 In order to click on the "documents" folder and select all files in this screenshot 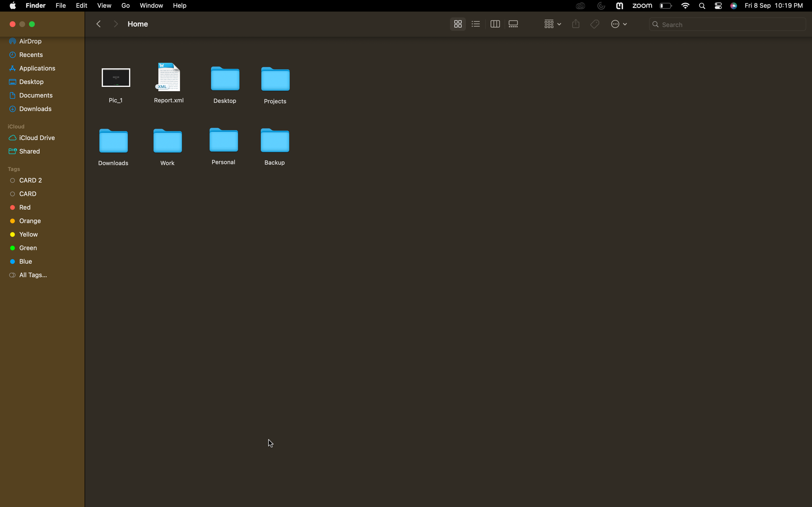, I will do `click(40, 94)`.